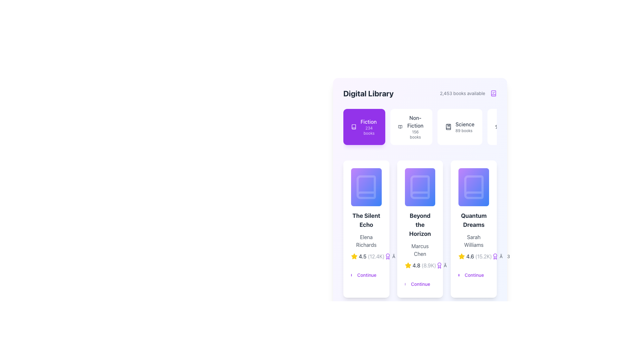 Image resolution: width=619 pixels, height=348 pixels. Describe the element at coordinates (459, 127) in the screenshot. I see `the 'Science' button with a bookmark icon, which is the third button in the horizontal list under the 'Digital Library' heading` at that location.